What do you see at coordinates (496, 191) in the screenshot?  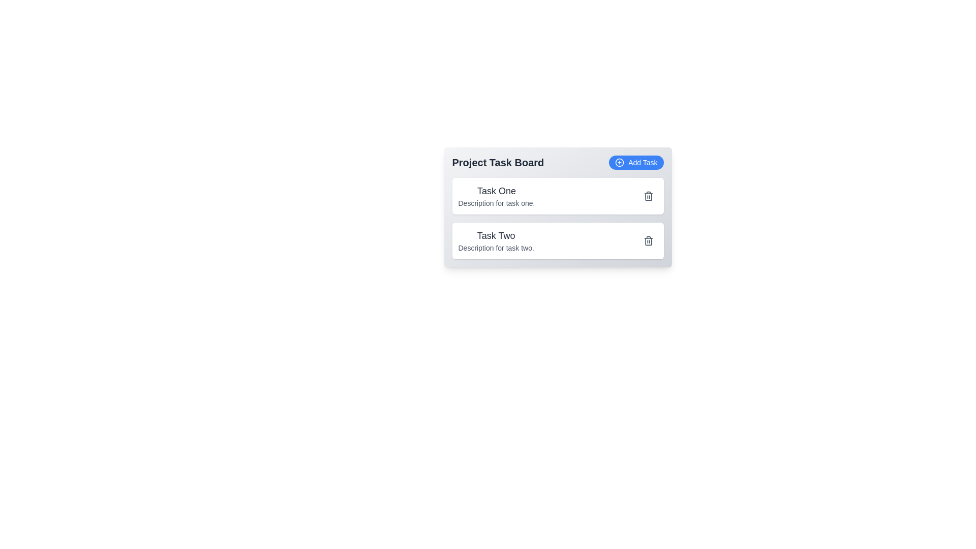 I see `text of the Text Label located at the upper portion of the first list item in the vertical list of tasks` at bounding box center [496, 191].